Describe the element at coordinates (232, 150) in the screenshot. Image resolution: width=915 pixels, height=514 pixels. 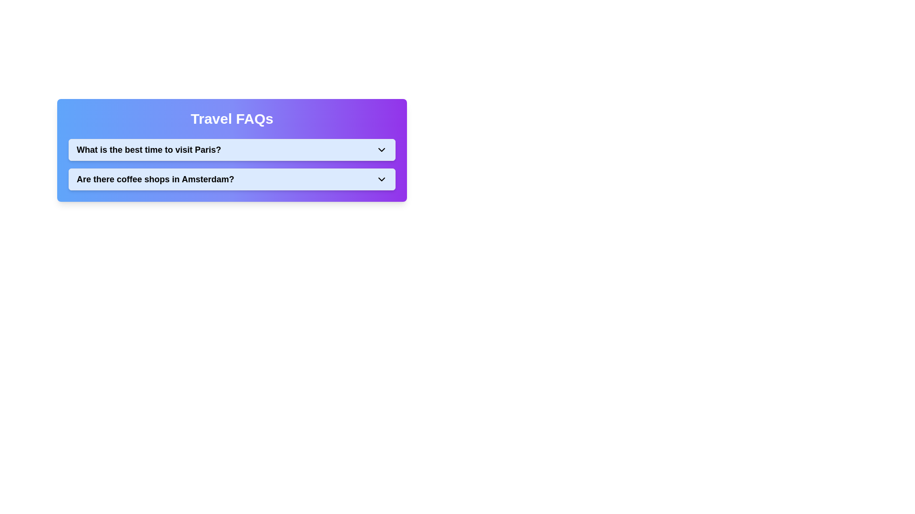
I see `the dropdown menu button related to the question 'What is the best time to visit Paris?'` at that location.